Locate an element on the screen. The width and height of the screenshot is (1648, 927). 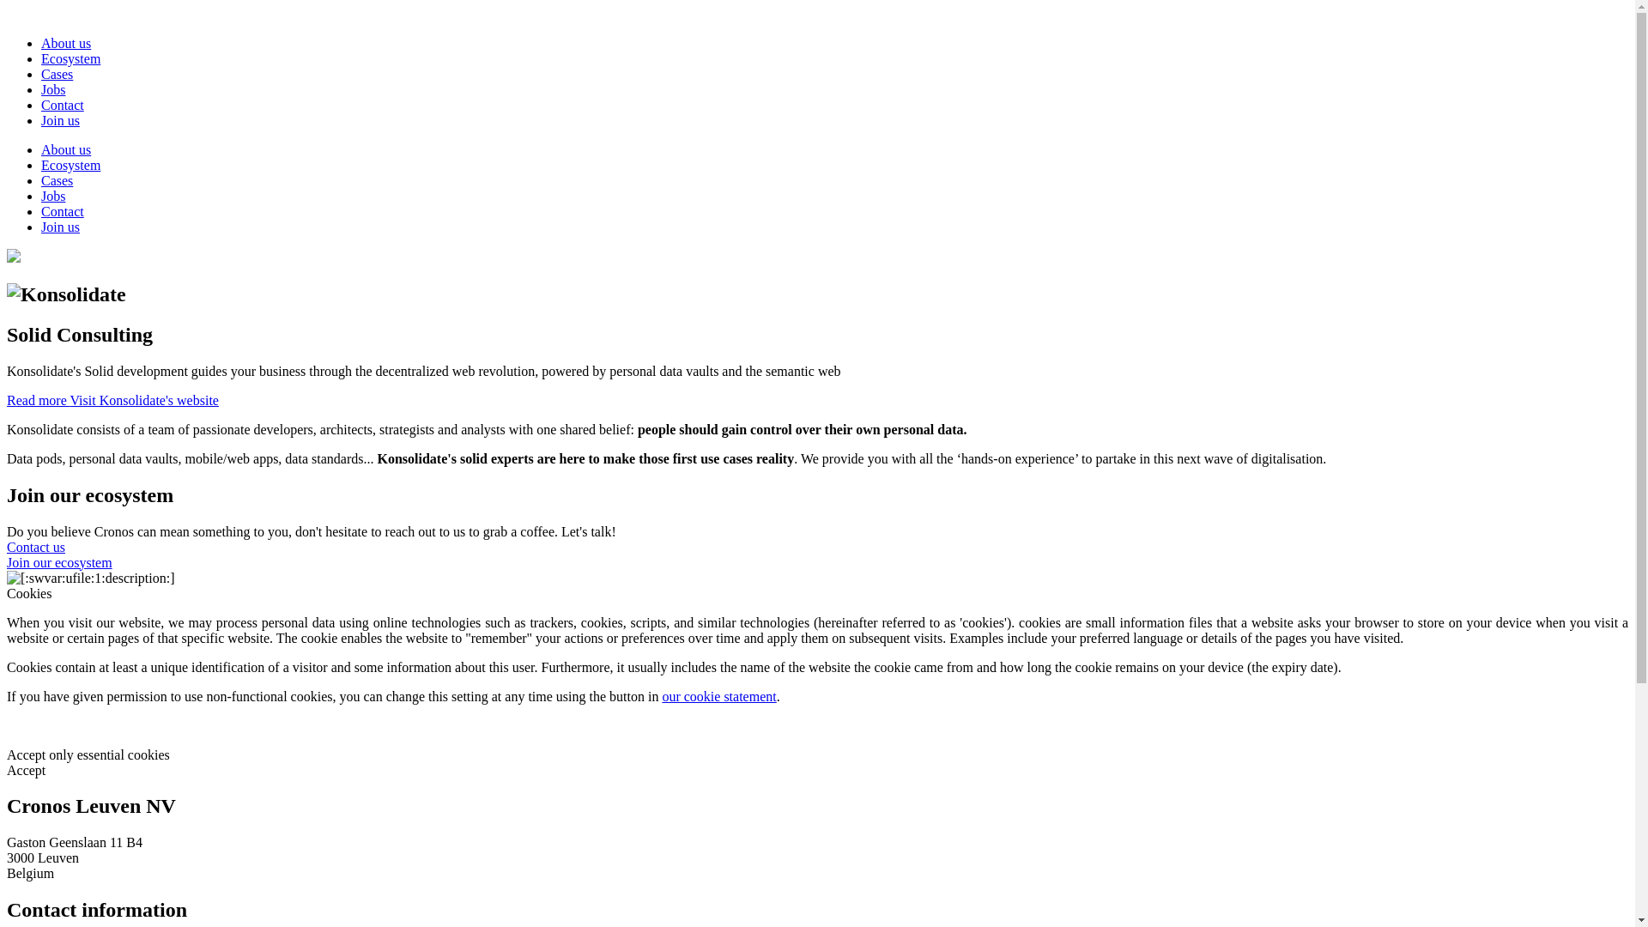
'our cookie statement' is located at coordinates (661, 696).